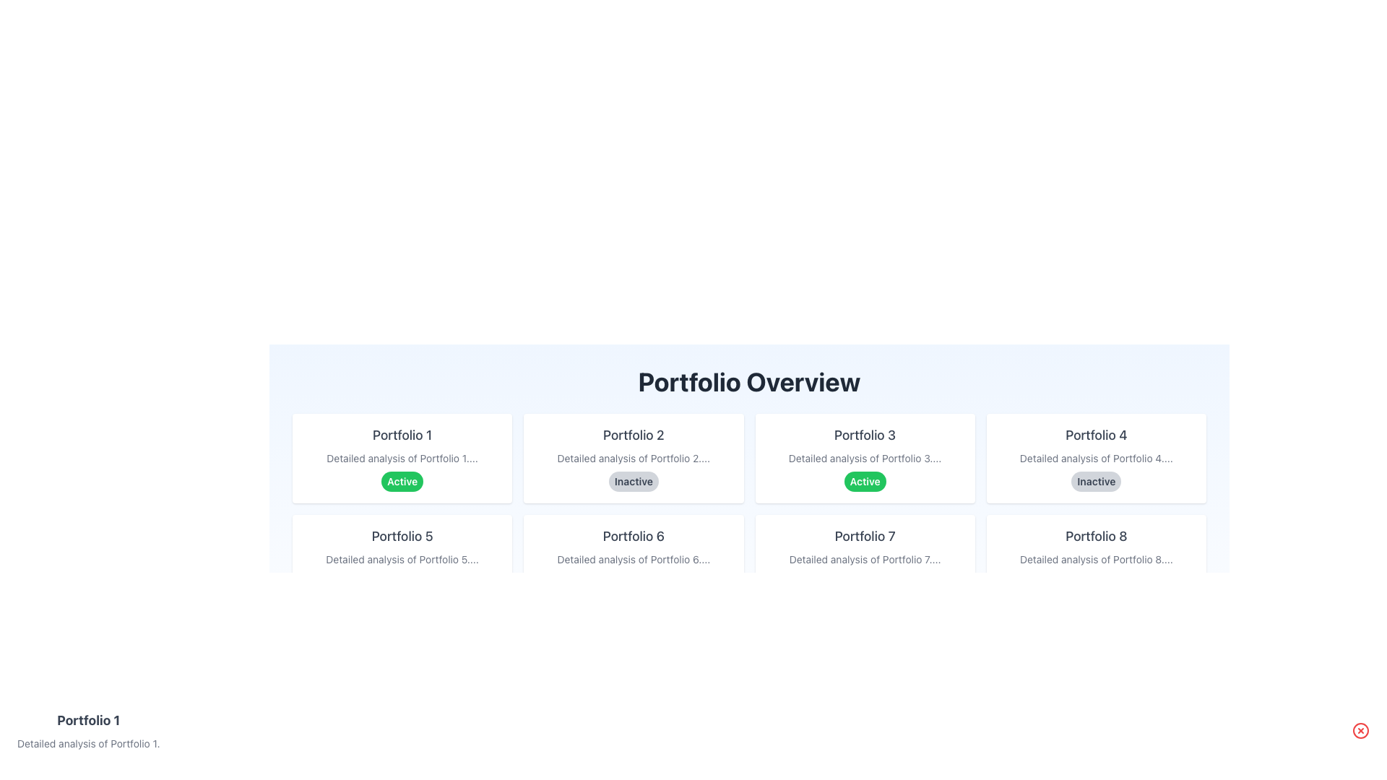  What do you see at coordinates (402, 434) in the screenshot?
I see `the text label at the top of the first portfolio card to trigger potential tooltips` at bounding box center [402, 434].